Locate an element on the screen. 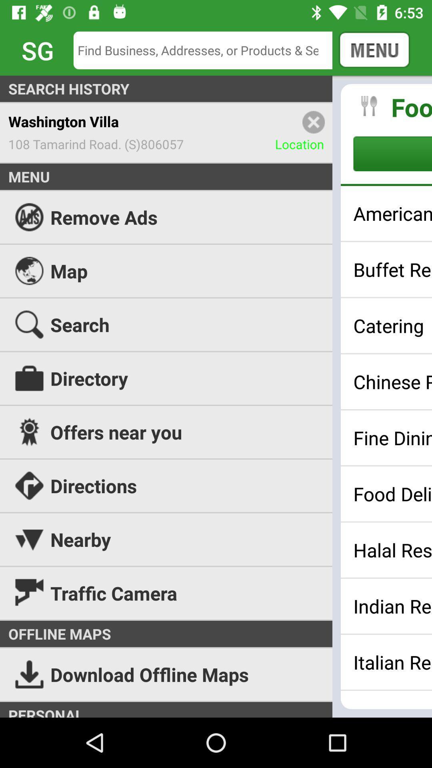 This screenshot has height=768, width=432. the halal restaurants item is located at coordinates (392, 550).